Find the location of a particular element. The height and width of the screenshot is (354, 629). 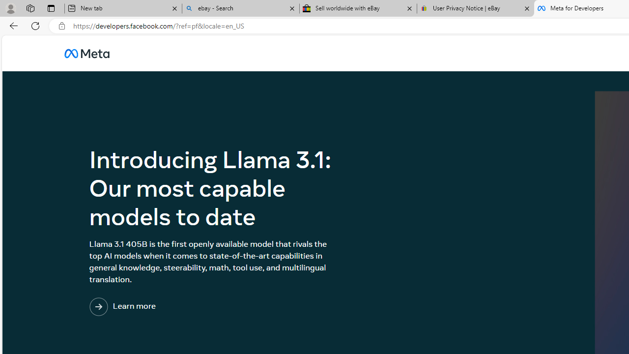

'User Privacy Notice | eBay' is located at coordinates (475, 8).